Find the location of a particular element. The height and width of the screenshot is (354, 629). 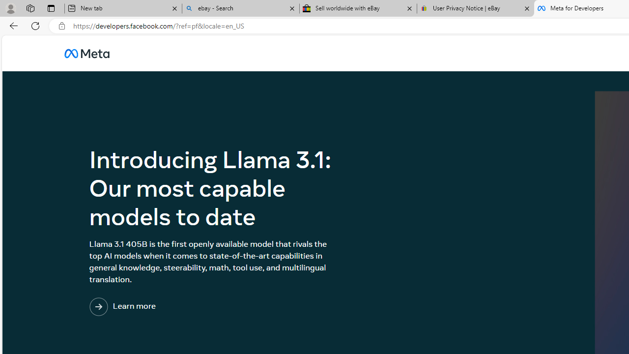

'User Privacy Notice | eBay' is located at coordinates (475, 8).